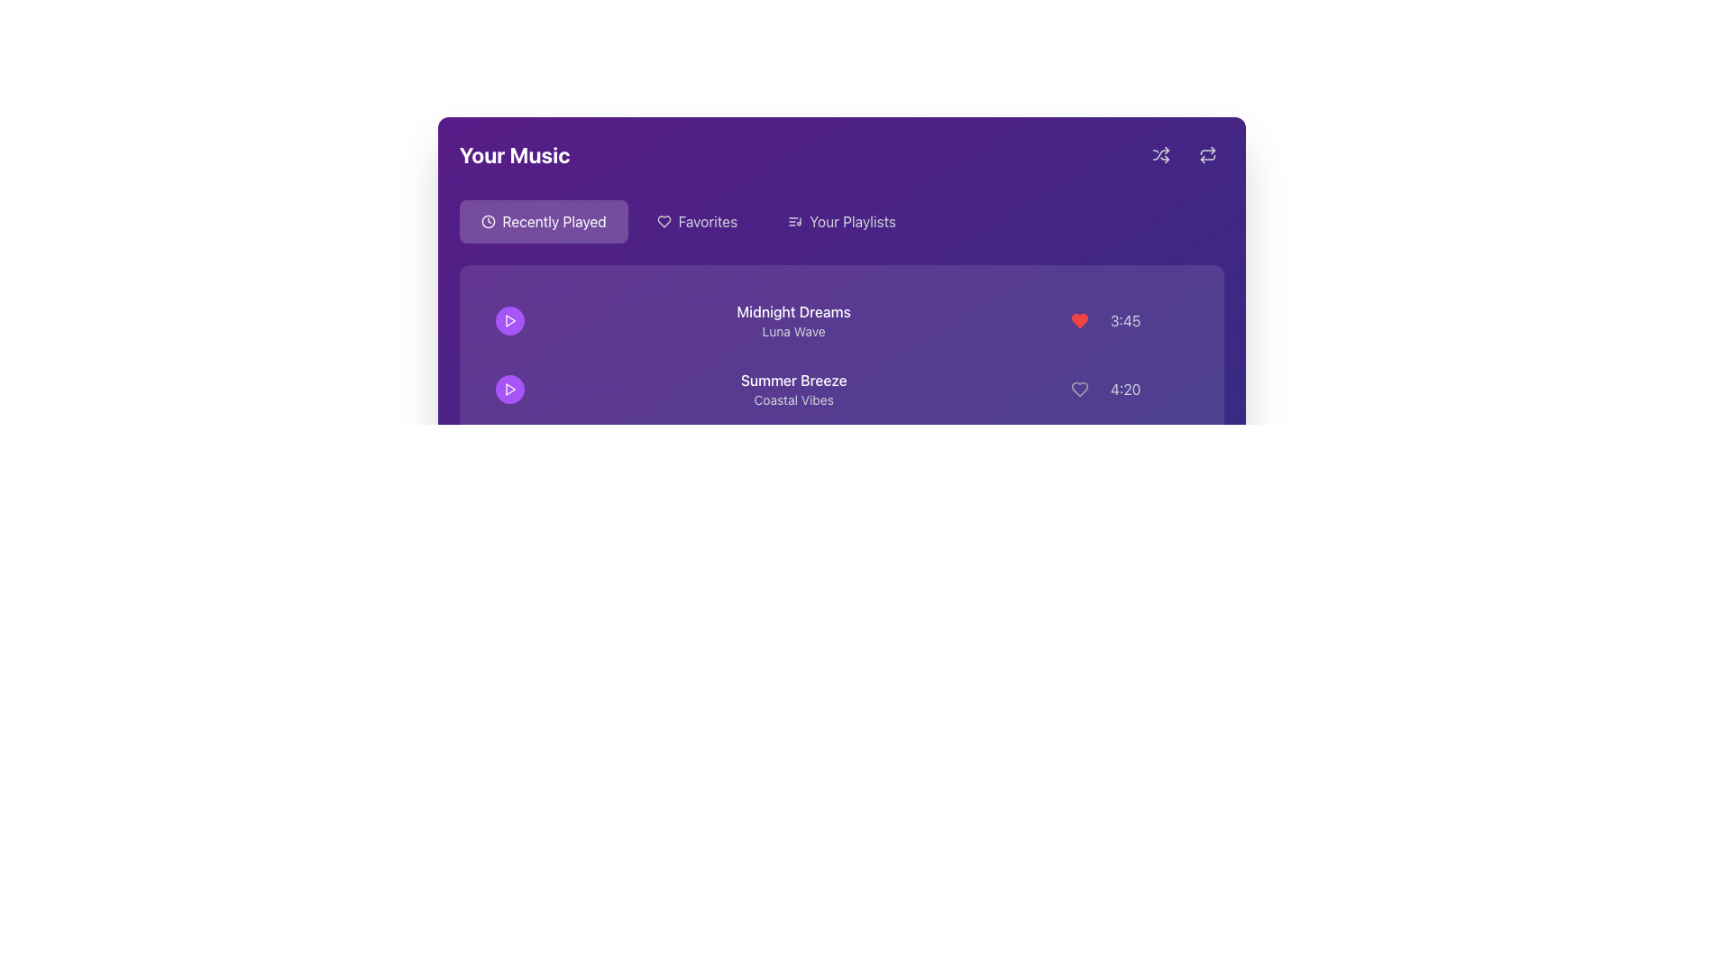  I want to click on the ellipsis icon button, so click(1171, 319).